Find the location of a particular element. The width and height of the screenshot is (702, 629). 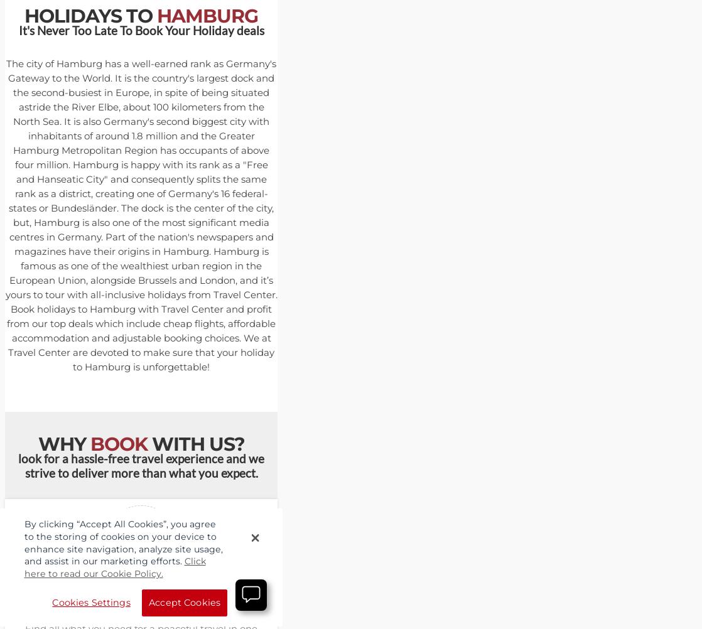

'BOOK' is located at coordinates (118, 444).